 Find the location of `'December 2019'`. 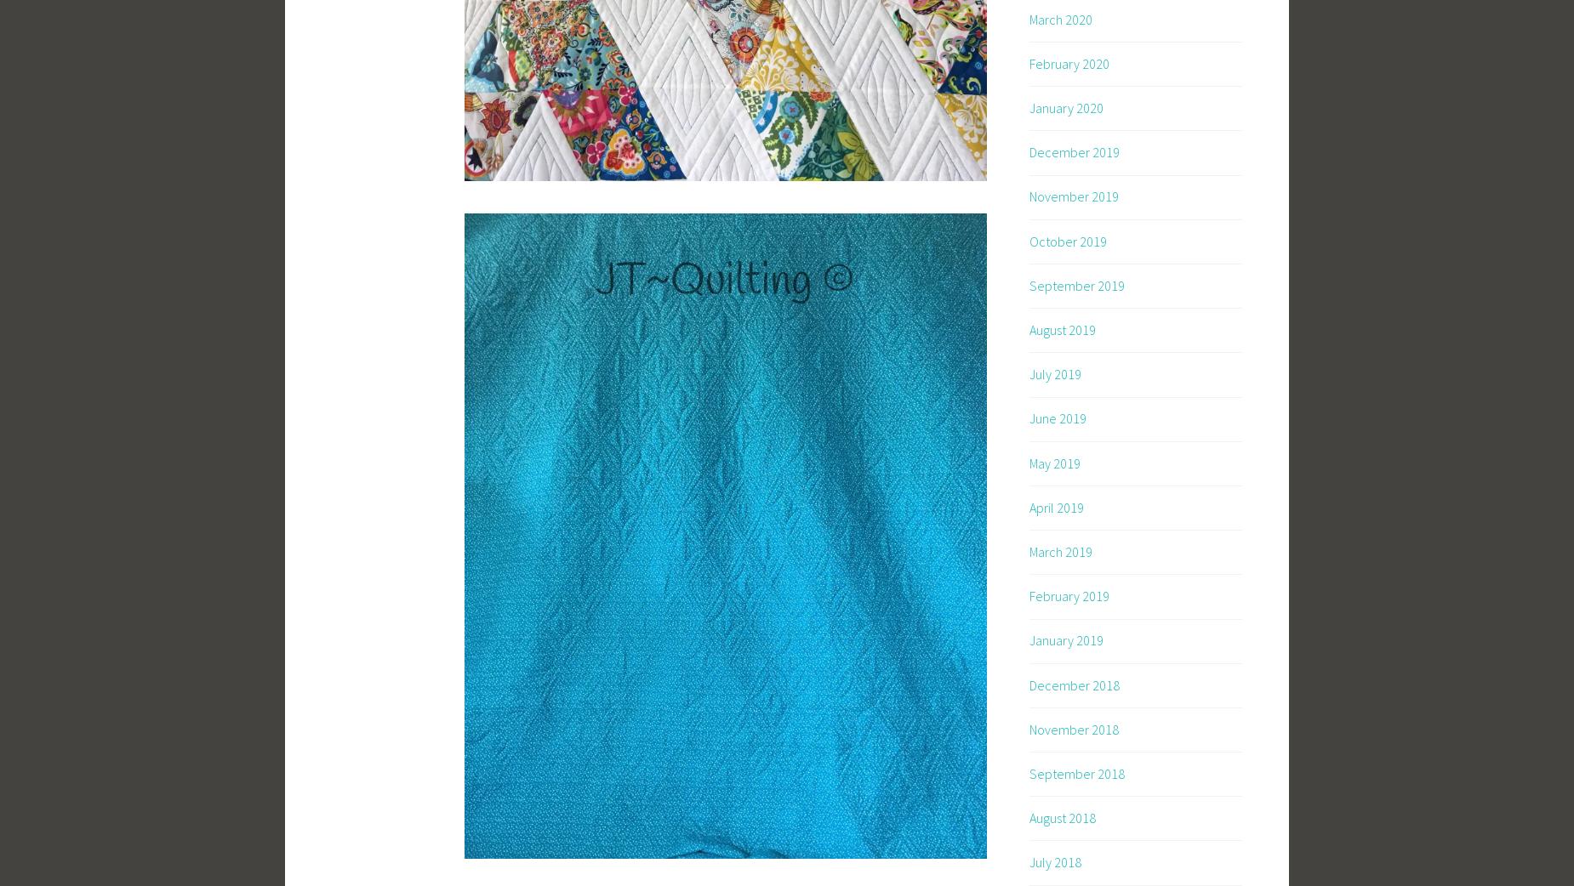

'December 2019' is located at coordinates (1073, 151).